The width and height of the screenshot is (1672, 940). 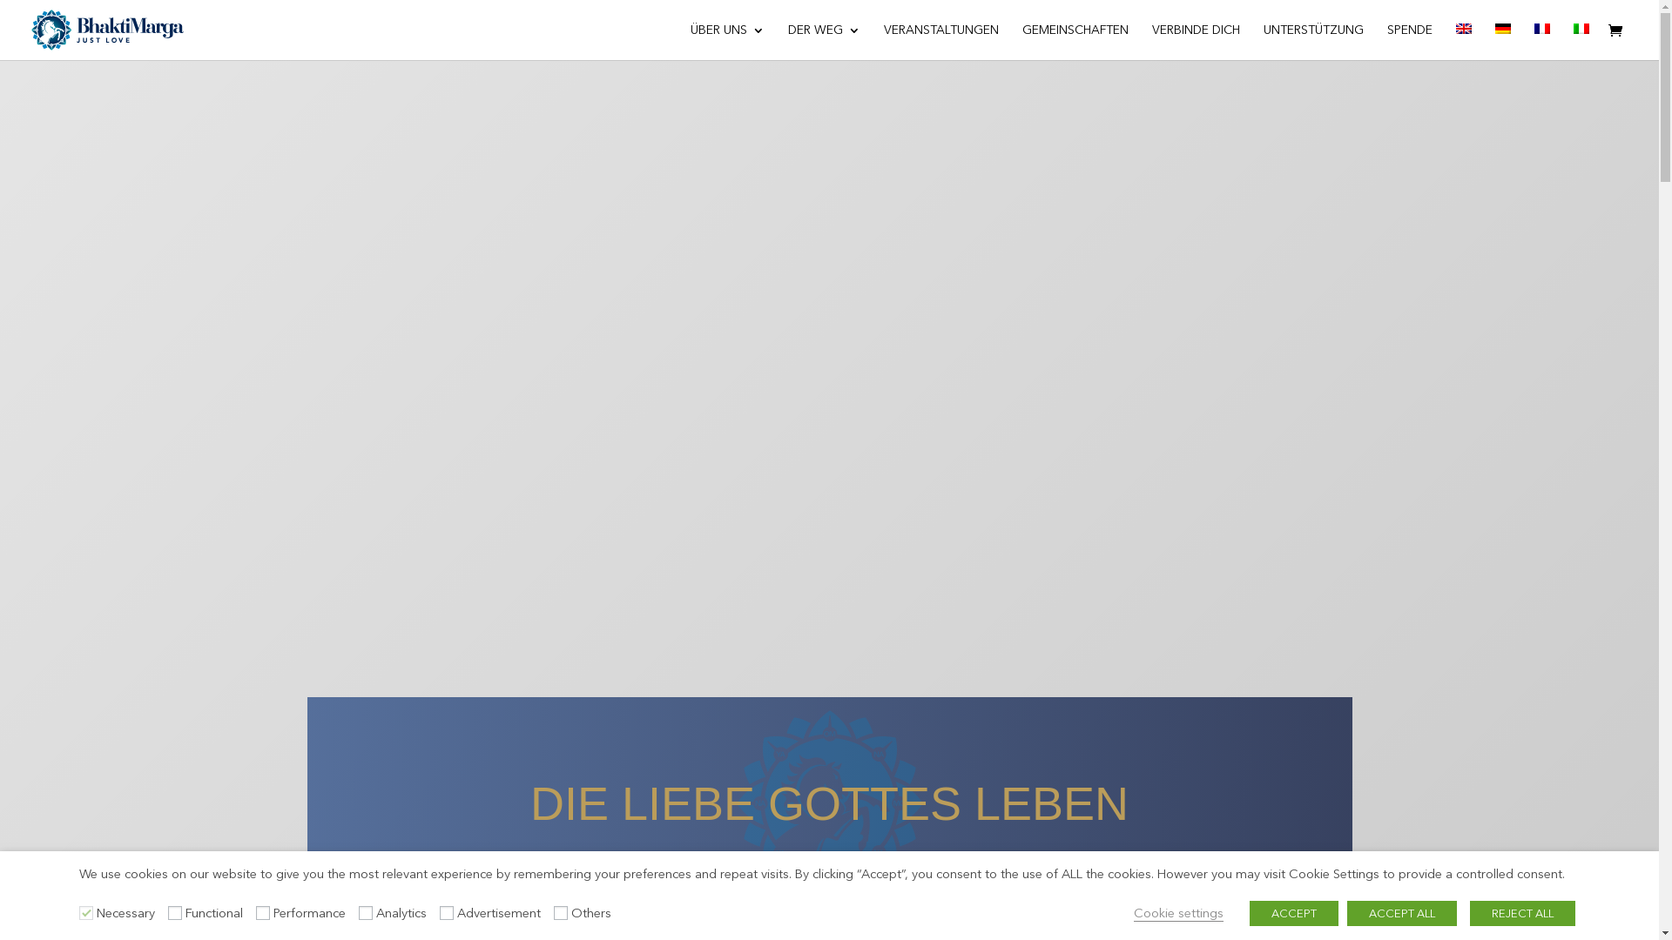 What do you see at coordinates (1178, 912) in the screenshot?
I see `'Cookie settings'` at bounding box center [1178, 912].